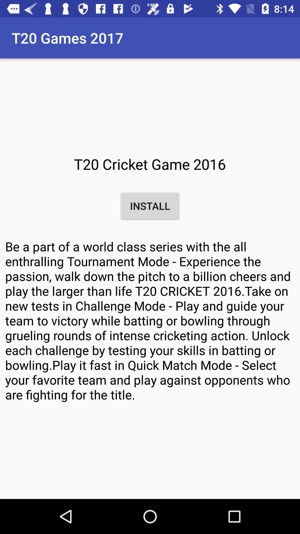 The image size is (300, 534). I want to click on the item below the t20 cricket game icon, so click(150, 206).